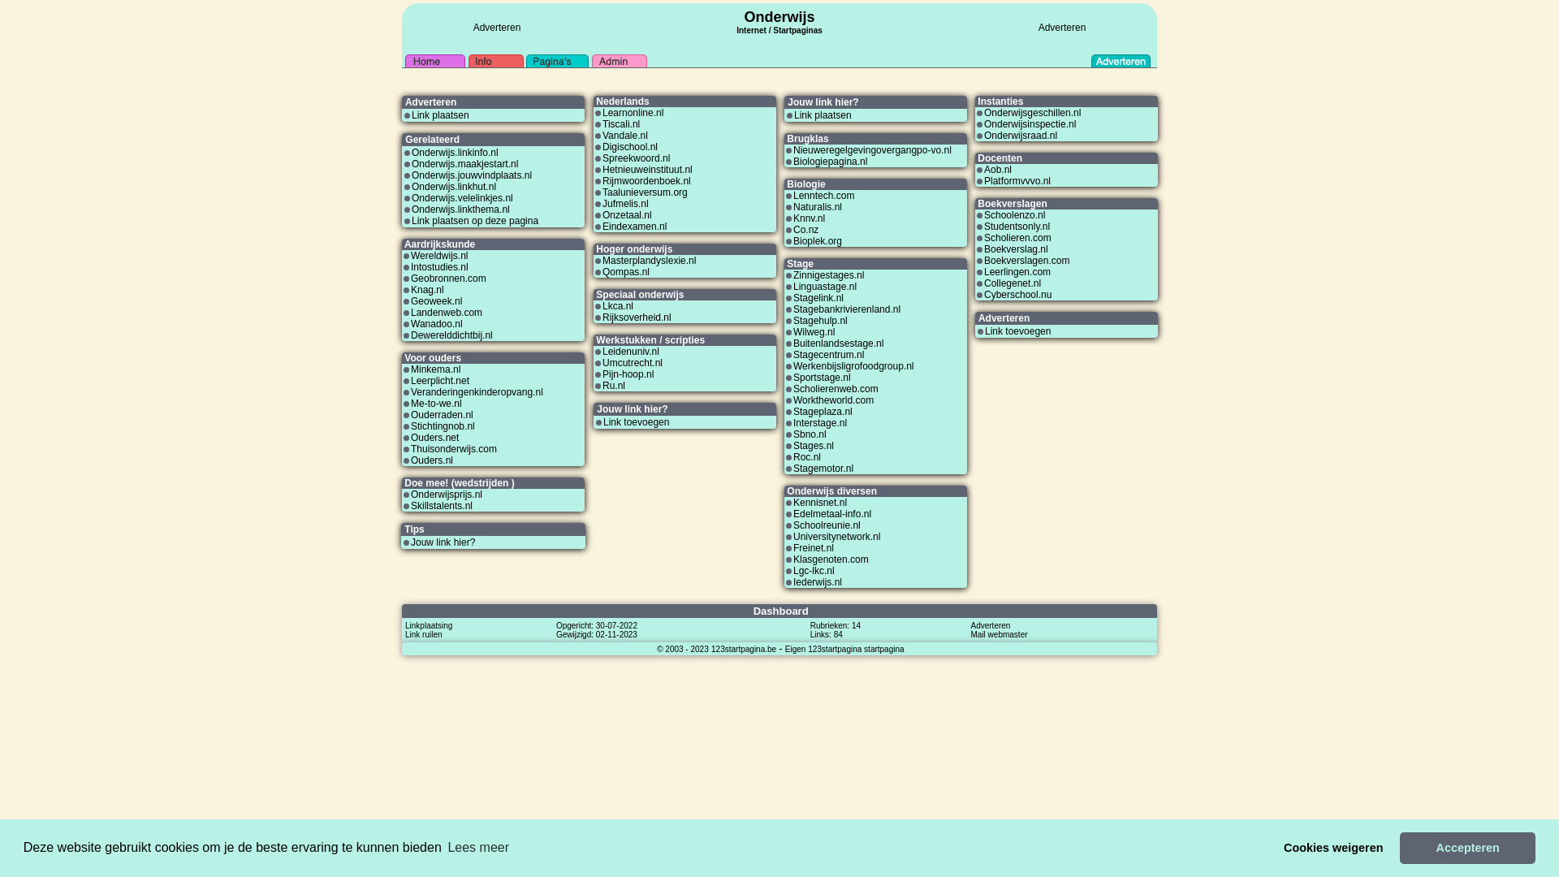 The width and height of the screenshot is (1559, 877). What do you see at coordinates (436, 300) in the screenshot?
I see `'Geoweek.nl'` at bounding box center [436, 300].